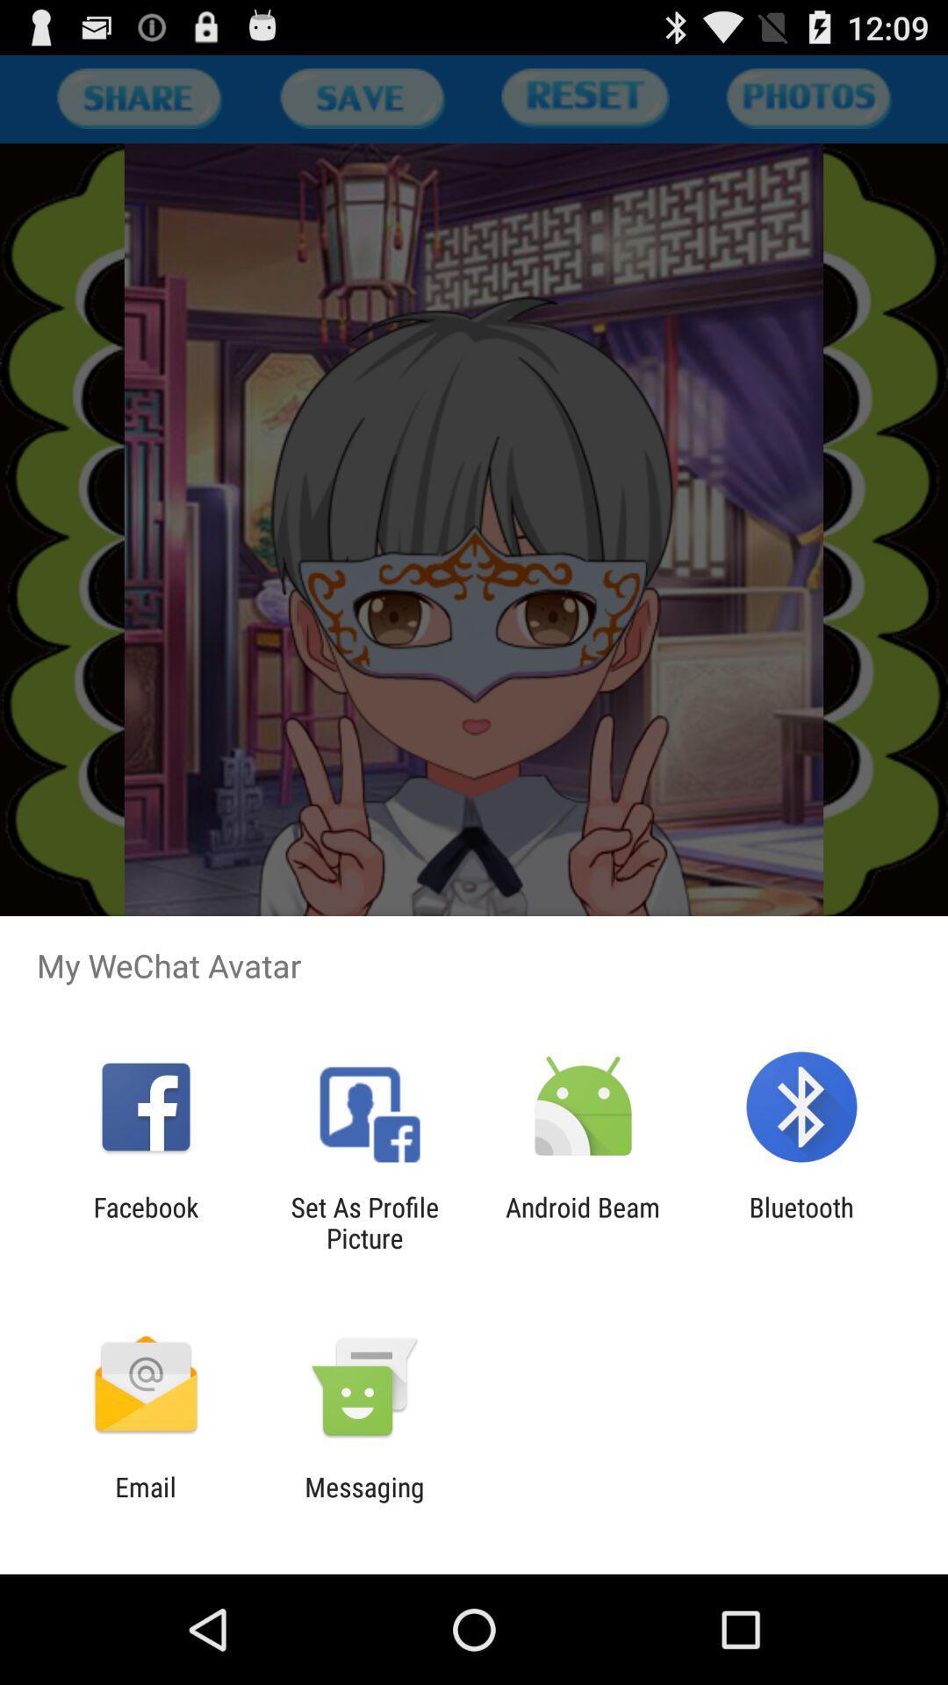  Describe the element at coordinates (145, 1222) in the screenshot. I see `item to the left of set as profile` at that location.